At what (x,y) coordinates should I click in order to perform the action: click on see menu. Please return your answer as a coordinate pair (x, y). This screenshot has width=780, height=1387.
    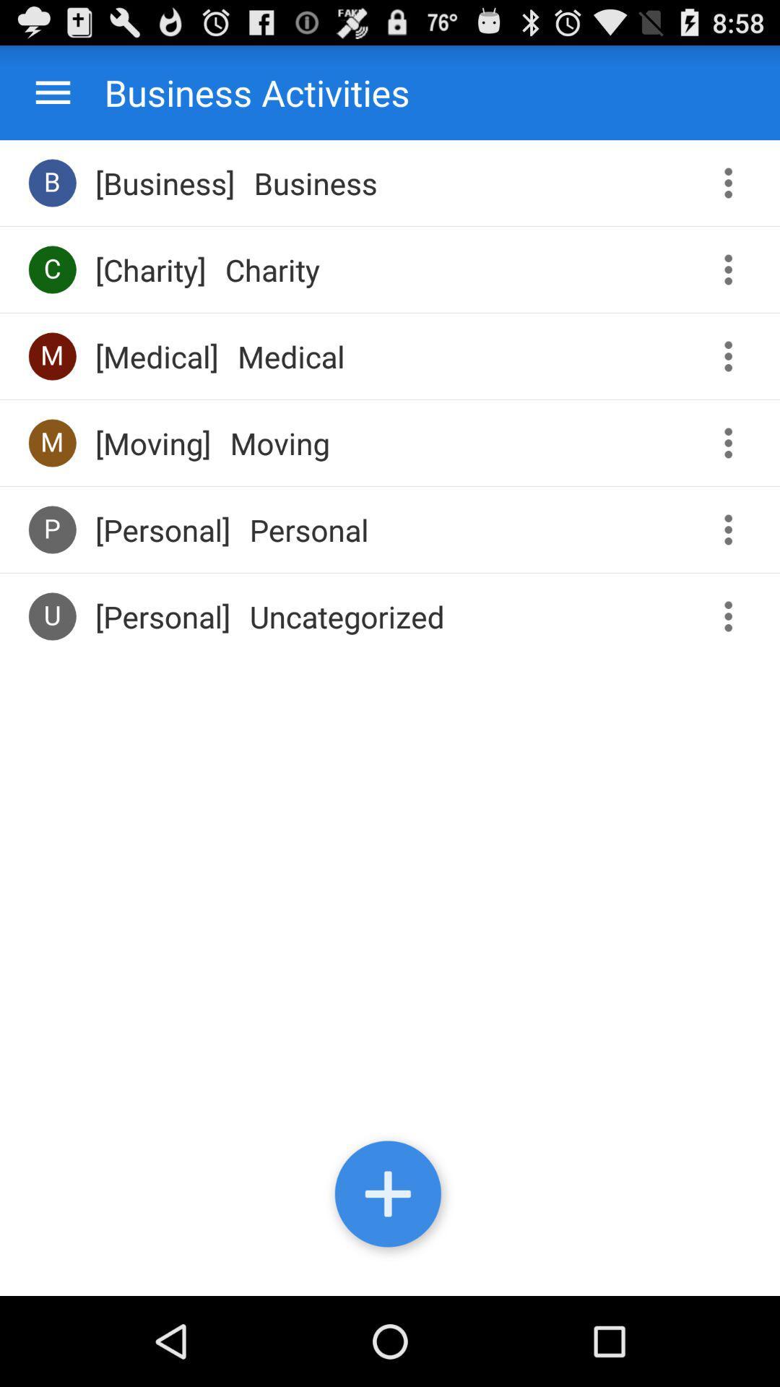
    Looking at the image, I should click on (733, 356).